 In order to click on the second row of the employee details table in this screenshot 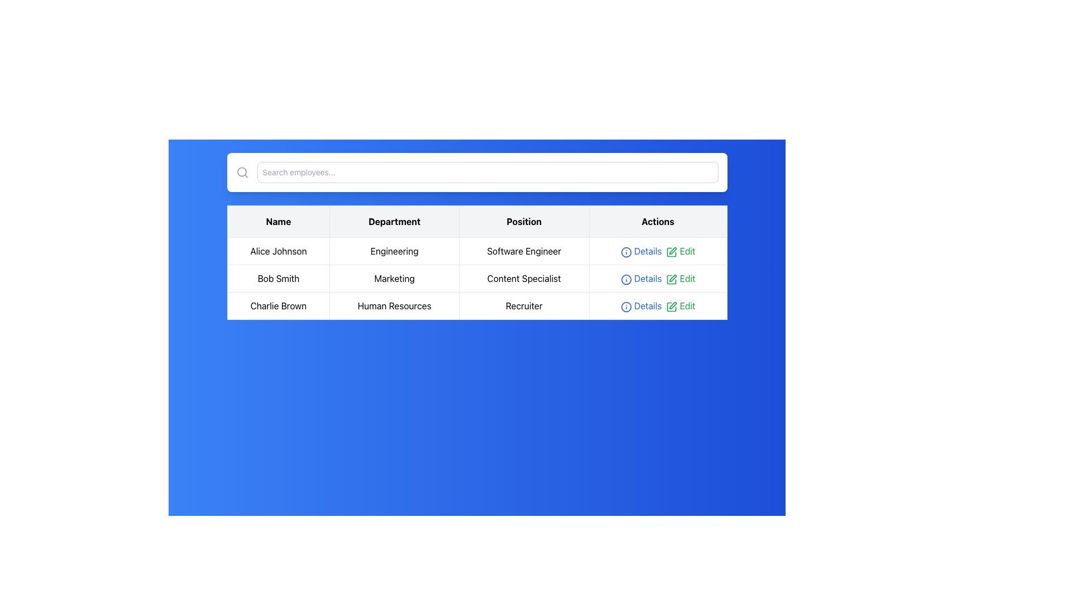, I will do `click(477, 277)`.